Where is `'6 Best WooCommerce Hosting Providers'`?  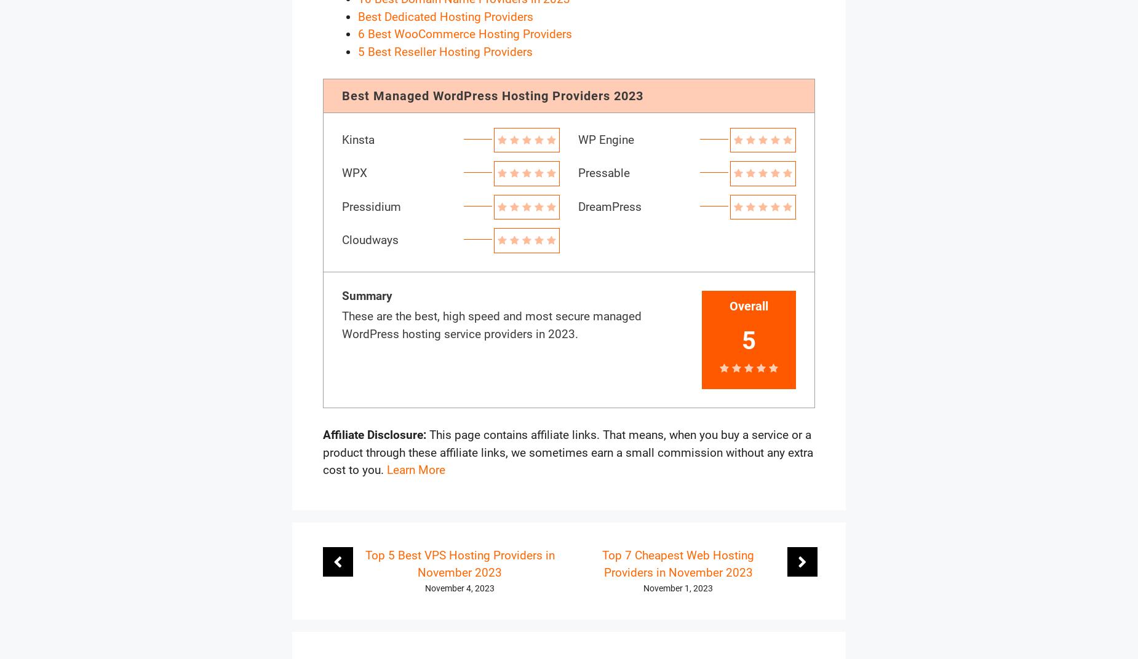
'6 Best WooCommerce Hosting Providers' is located at coordinates (464, 33).